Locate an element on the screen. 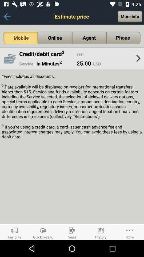 The image size is (144, 257). the item above phone is located at coordinates (130, 16).